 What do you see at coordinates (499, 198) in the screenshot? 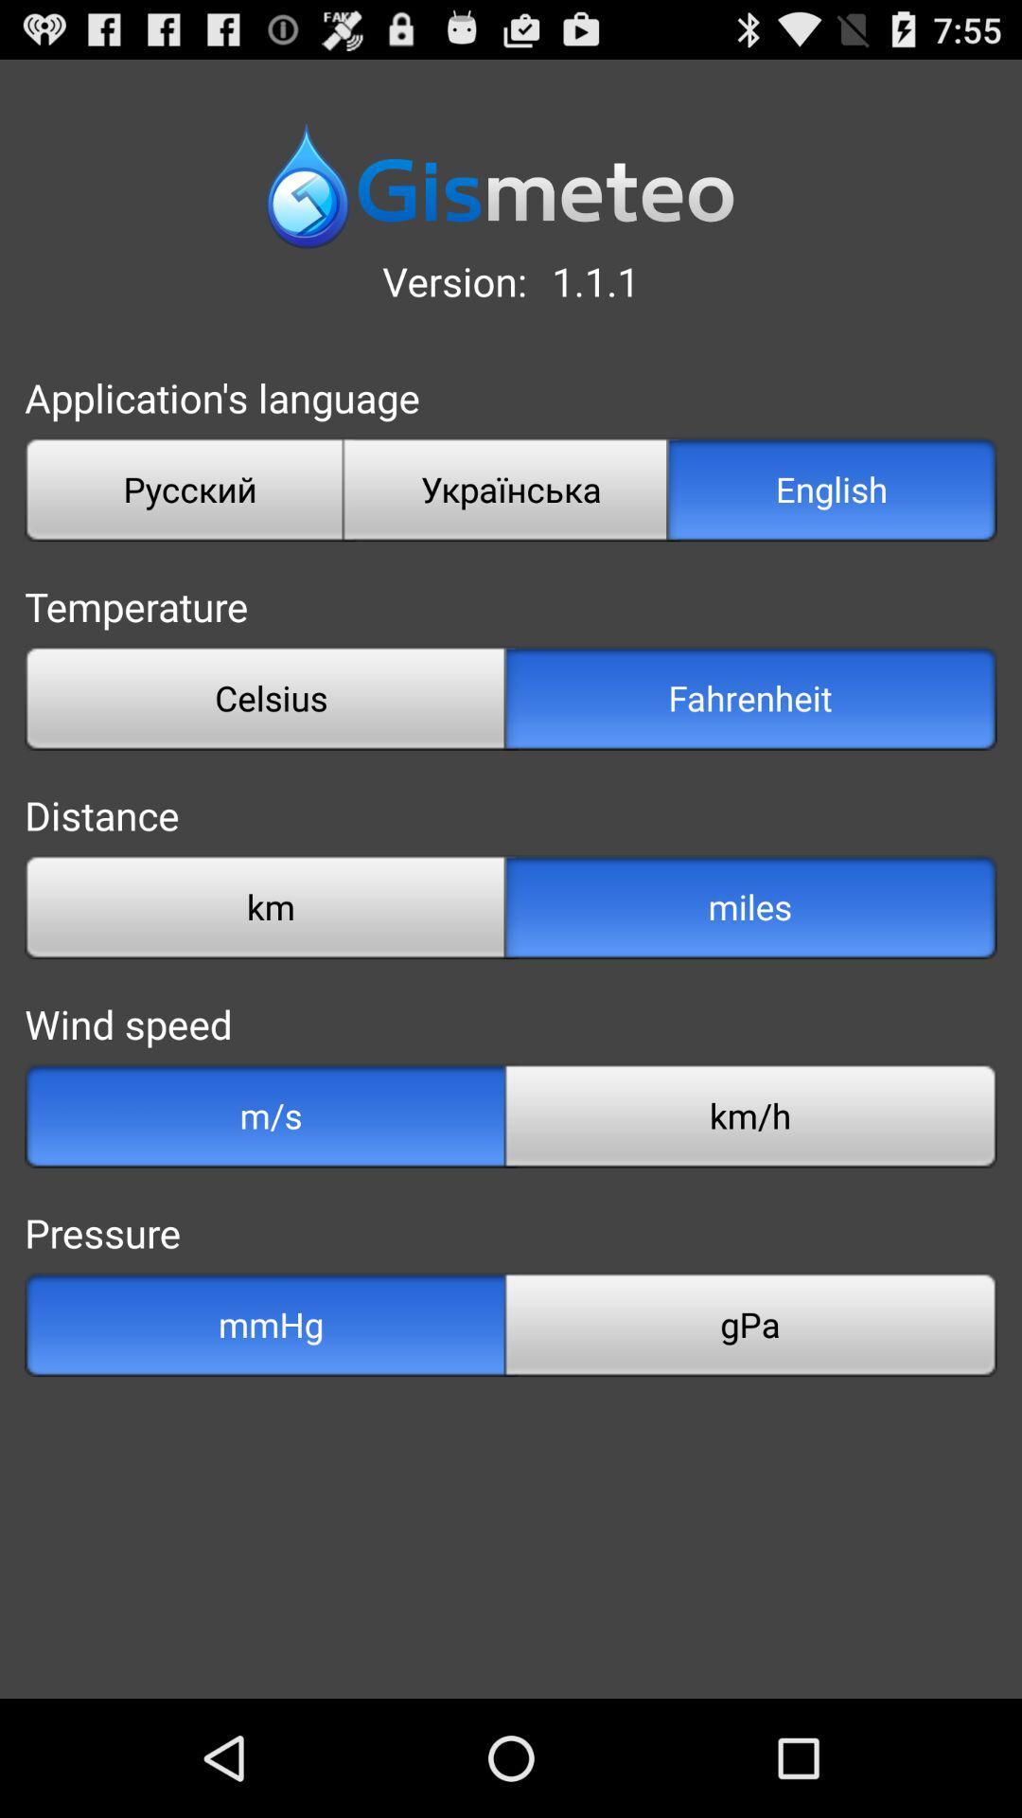
I see `the date_range icon` at bounding box center [499, 198].